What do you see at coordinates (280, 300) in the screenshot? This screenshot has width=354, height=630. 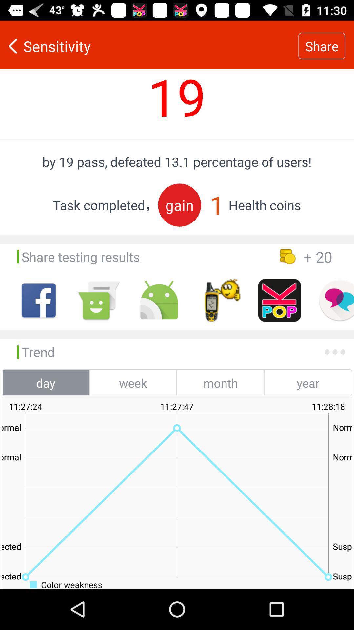 I see `share result` at bounding box center [280, 300].